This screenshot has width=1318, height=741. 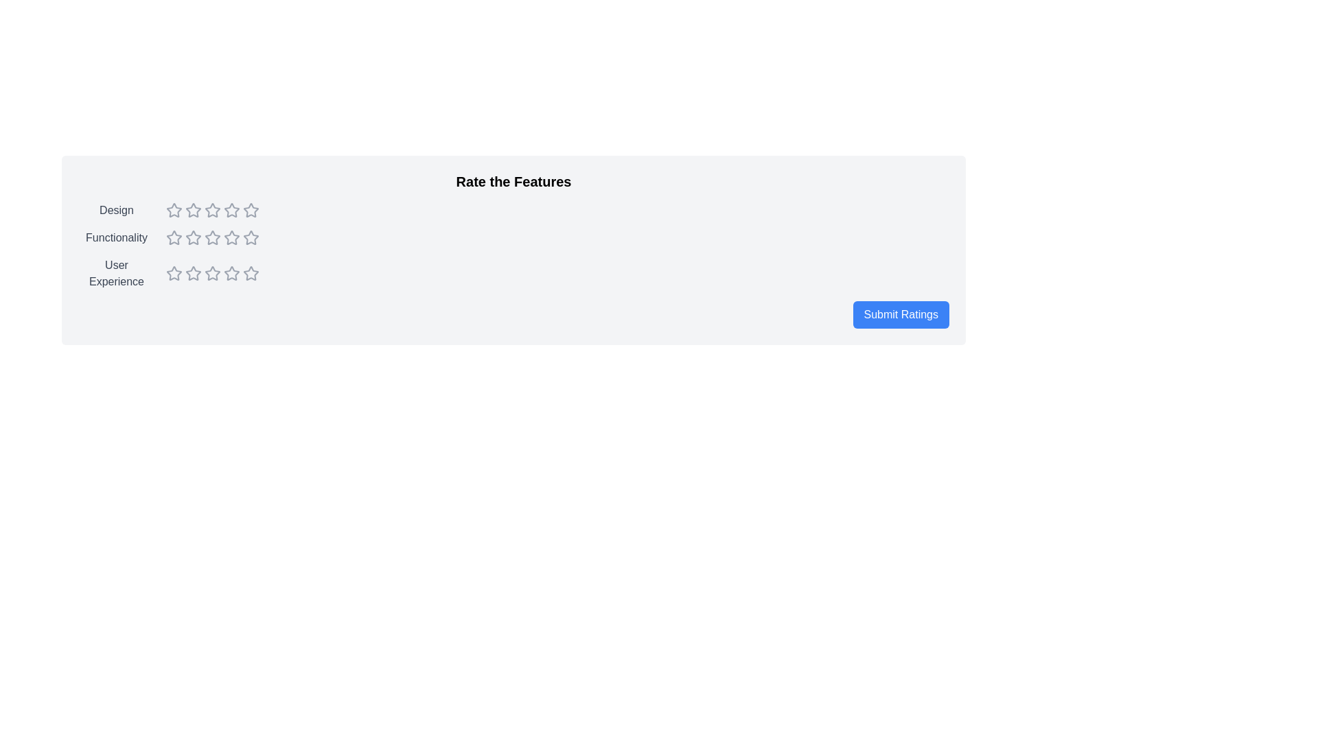 What do you see at coordinates (231, 237) in the screenshot?
I see `the fourth hollow star icon with a gray stroke in the rating section to rate 'Functionality'` at bounding box center [231, 237].